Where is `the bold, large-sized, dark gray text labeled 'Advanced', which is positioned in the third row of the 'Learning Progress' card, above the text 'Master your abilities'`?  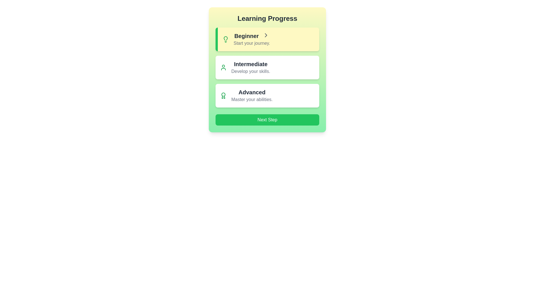 the bold, large-sized, dark gray text labeled 'Advanced', which is positioned in the third row of the 'Learning Progress' card, above the text 'Master your abilities' is located at coordinates (252, 92).